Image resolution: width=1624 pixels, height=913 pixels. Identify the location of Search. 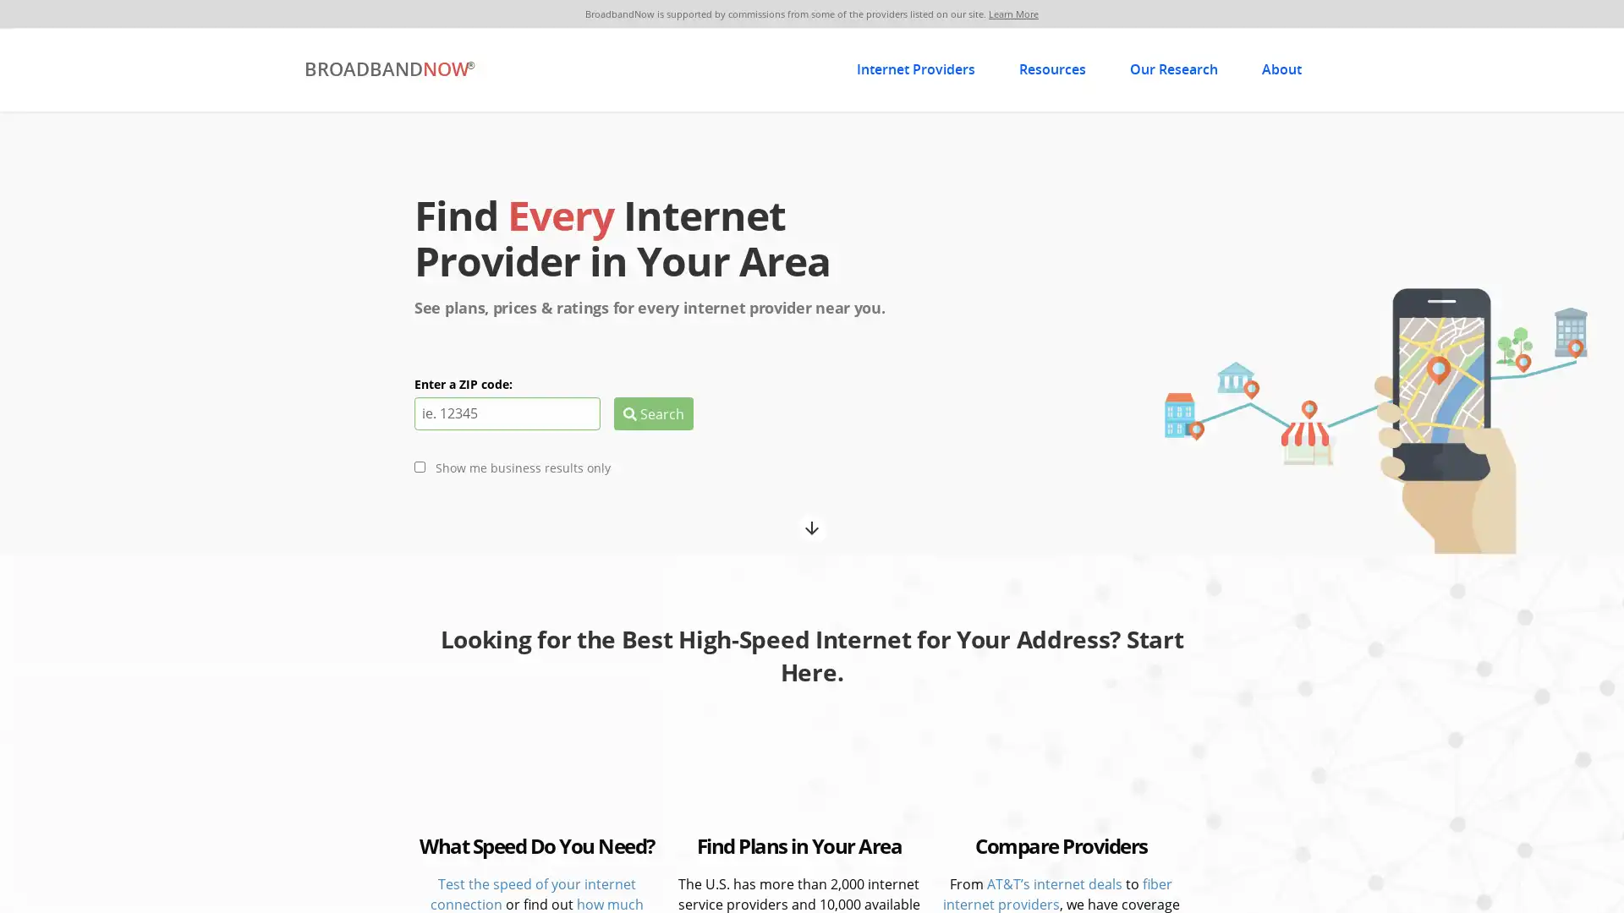
(652, 413).